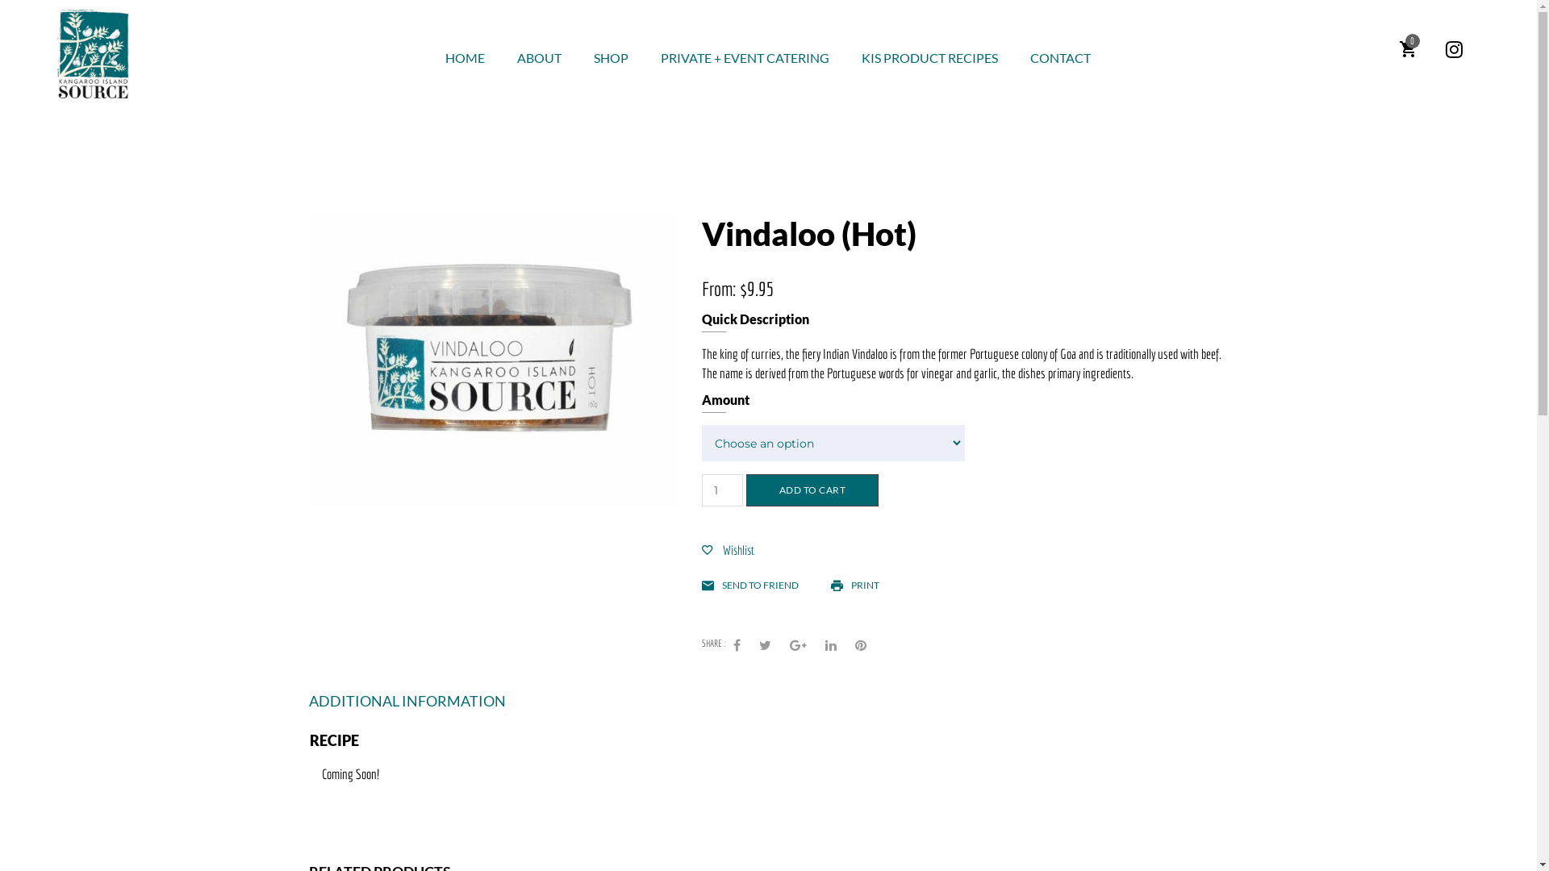 Image resolution: width=1549 pixels, height=871 pixels. I want to click on 'Wishlist', so click(727, 549).